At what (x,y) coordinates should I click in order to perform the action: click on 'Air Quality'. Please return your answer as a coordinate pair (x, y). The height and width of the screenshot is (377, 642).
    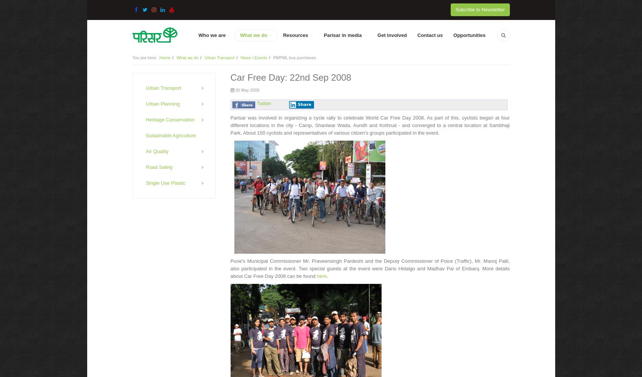
    Looking at the image, I should click on (157, 151).